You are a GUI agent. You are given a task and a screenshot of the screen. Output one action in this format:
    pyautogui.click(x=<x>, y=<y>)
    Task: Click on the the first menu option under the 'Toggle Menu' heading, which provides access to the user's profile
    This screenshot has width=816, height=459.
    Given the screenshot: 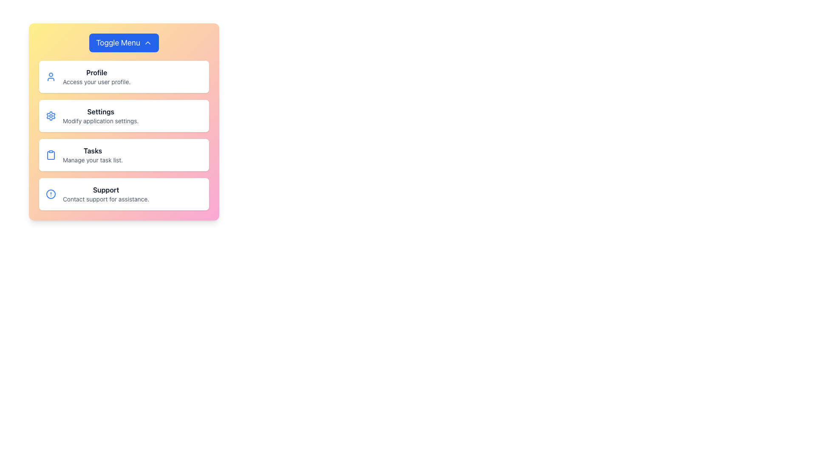 What is the action you would take?
    pyautogui.click(x=96, y=77)
    